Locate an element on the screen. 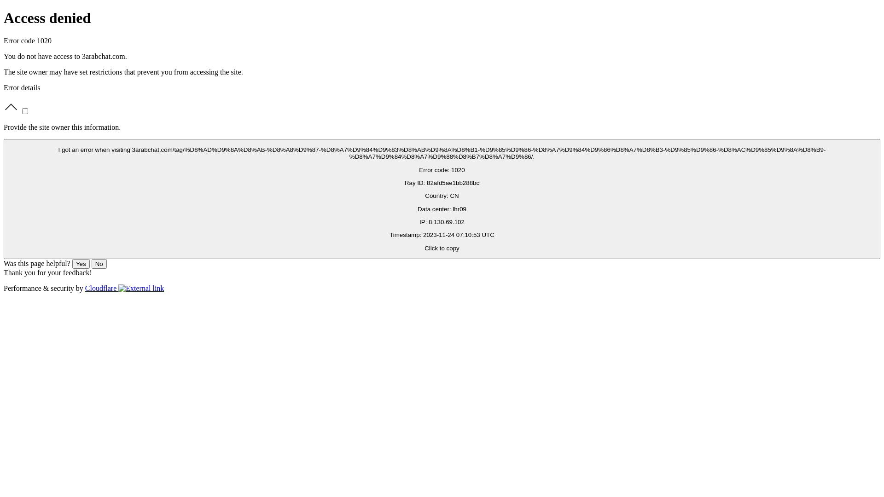 This screenshot has width=884, height=497. 'Opens in new tab' is located at coordinates (140, 288).